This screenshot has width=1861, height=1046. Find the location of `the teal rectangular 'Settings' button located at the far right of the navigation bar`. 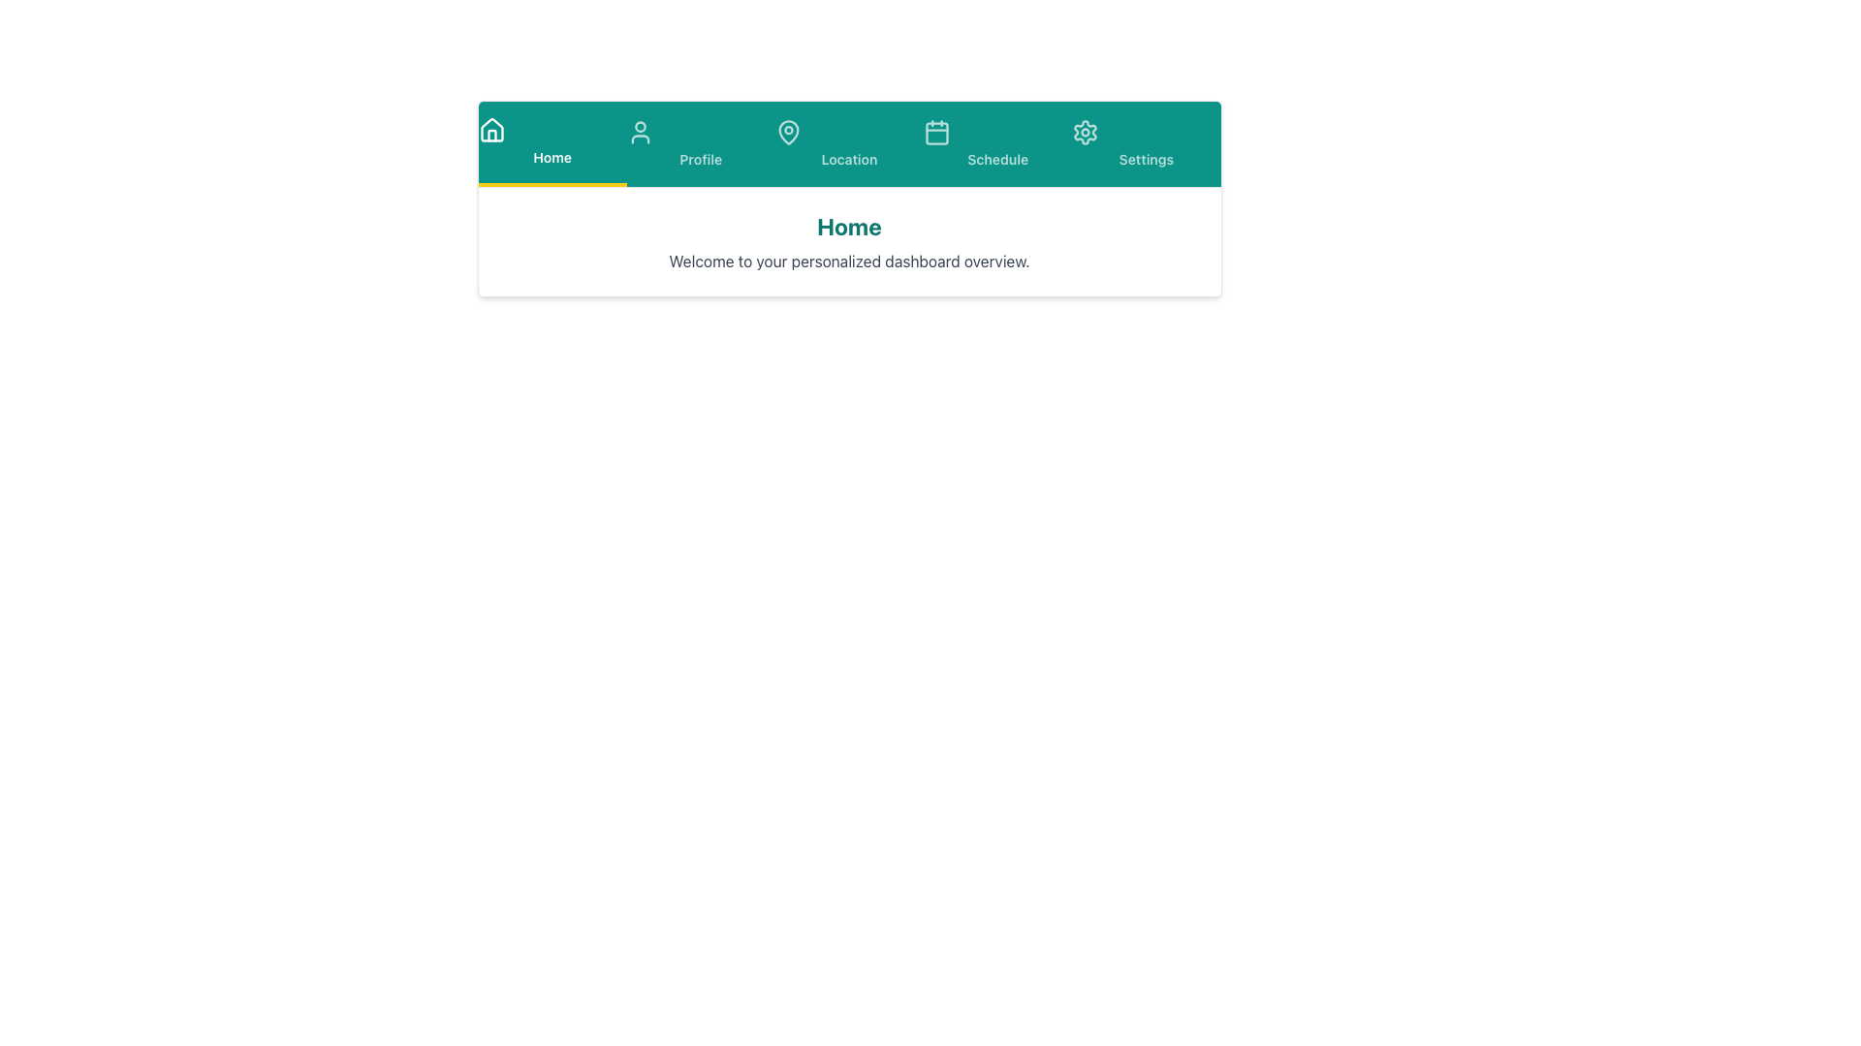

the teal rectangular 'Settings' button located at the far right of the navigation bar is located at coordinates (1146, 143).